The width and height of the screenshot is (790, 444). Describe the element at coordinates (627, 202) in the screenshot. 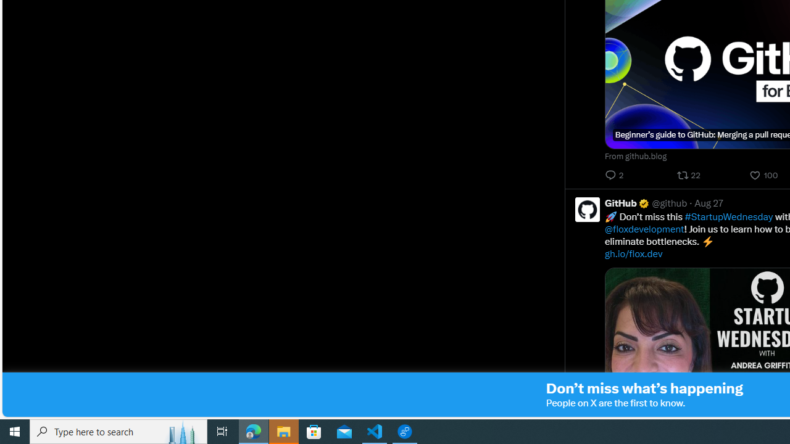

I see `'GitHub Verified account'` at that location.